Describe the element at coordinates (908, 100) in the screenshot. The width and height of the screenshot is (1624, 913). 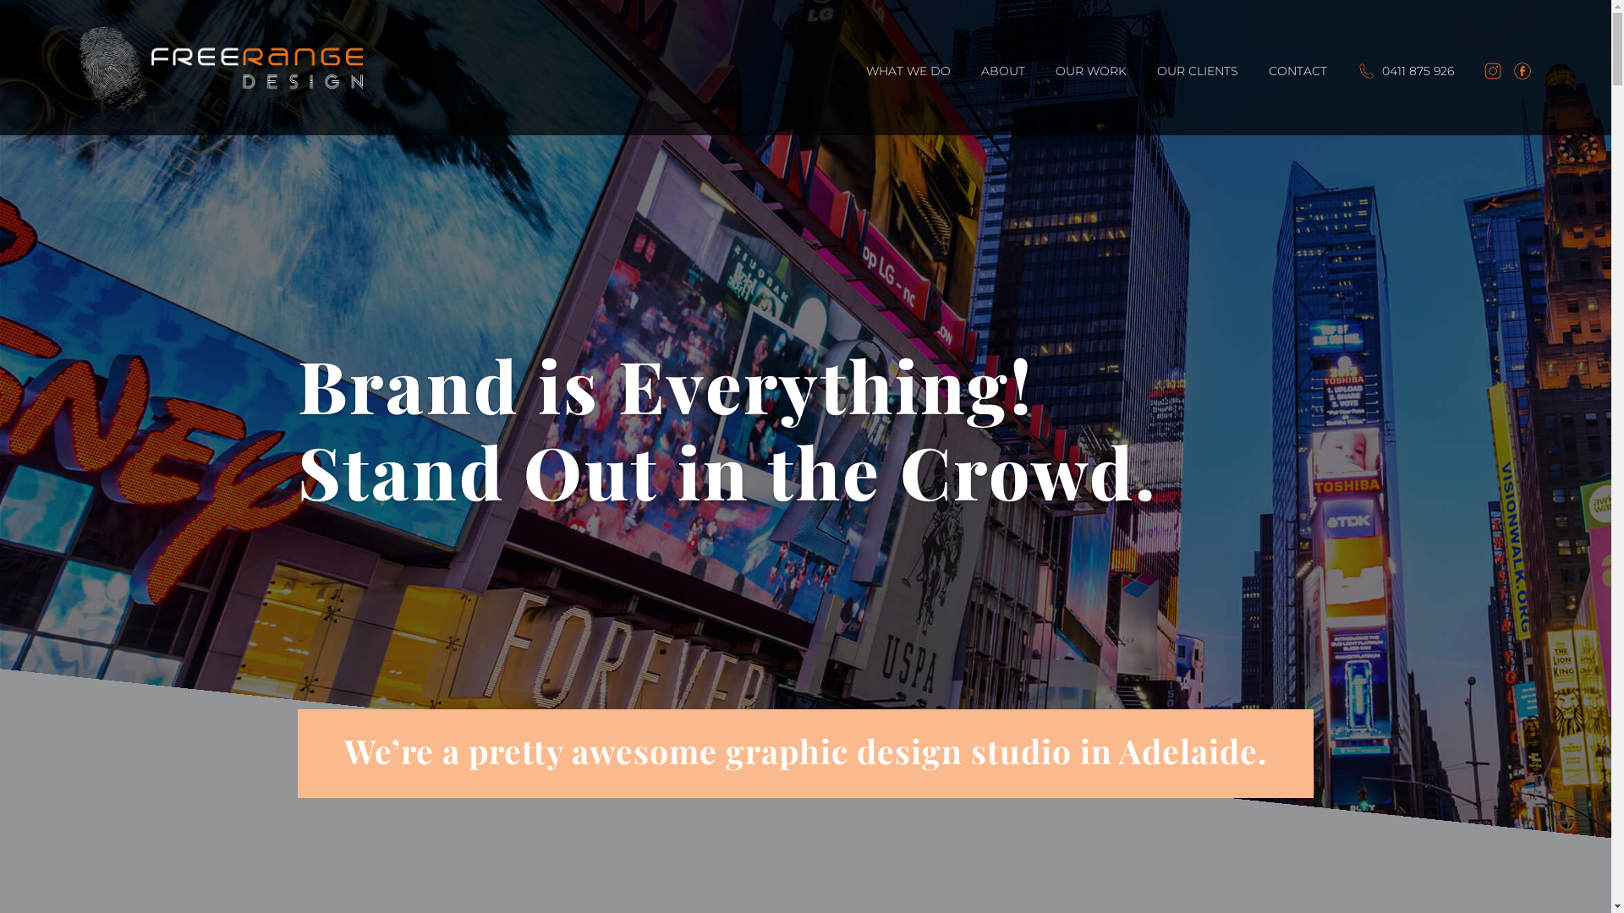
I see `'WHAT WE DO'` at that location.